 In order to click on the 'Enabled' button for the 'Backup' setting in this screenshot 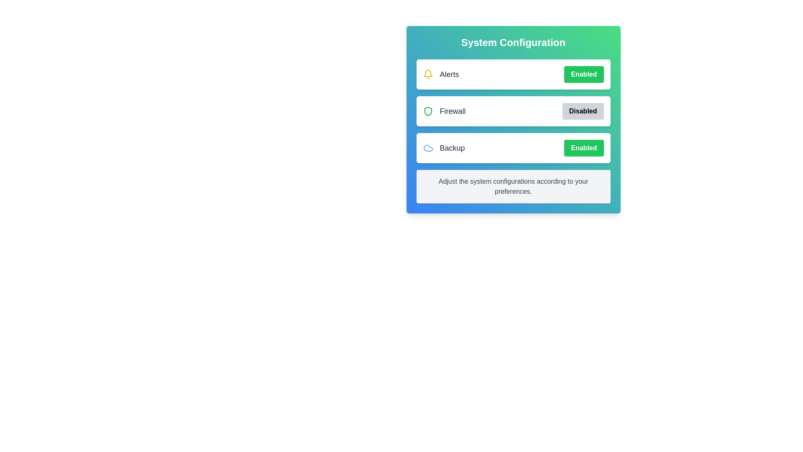, I will do `click(583, 148)`.